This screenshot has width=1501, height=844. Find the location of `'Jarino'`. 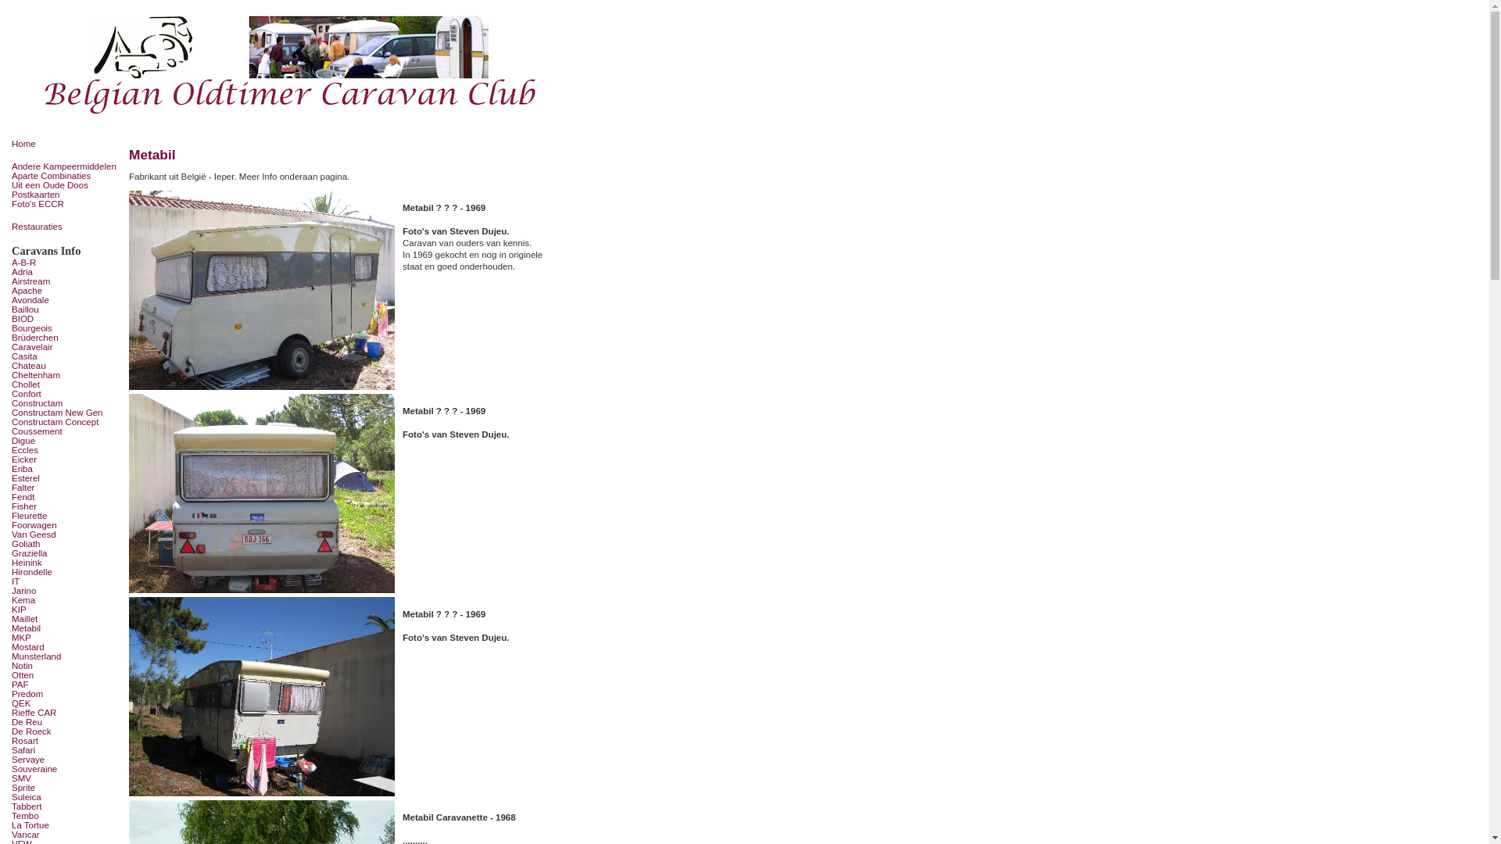

'Jarino' is located at coordinates (66, 591).